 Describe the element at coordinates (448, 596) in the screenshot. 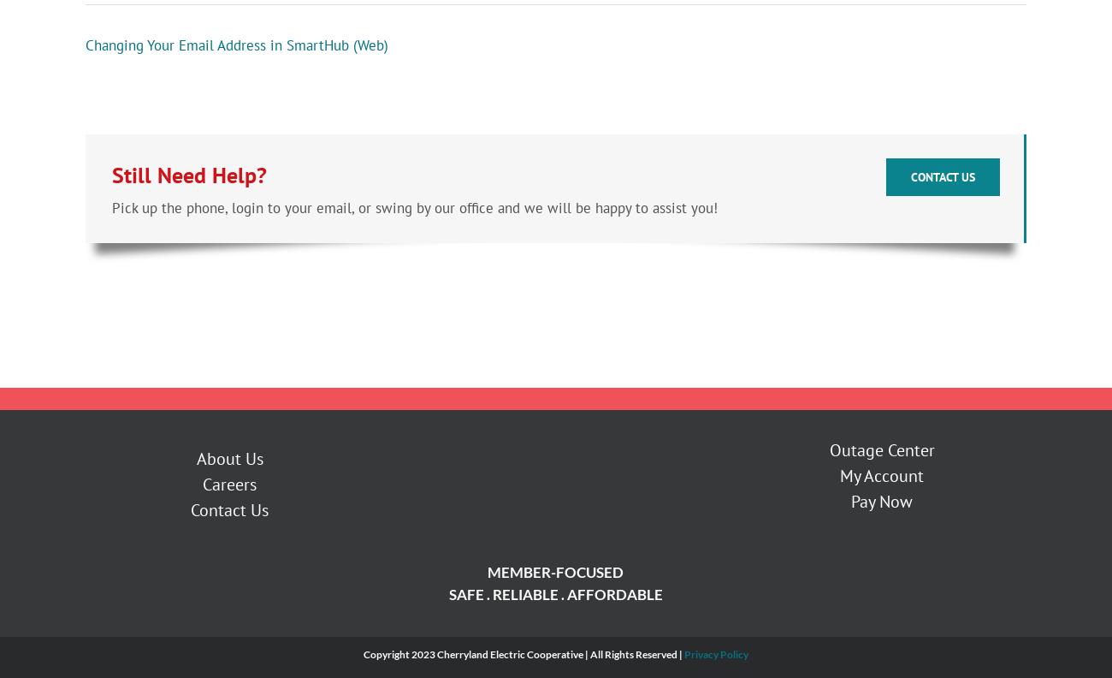

I see `'SAFE . RELIABLE . AFFORDABLE'` at that location.